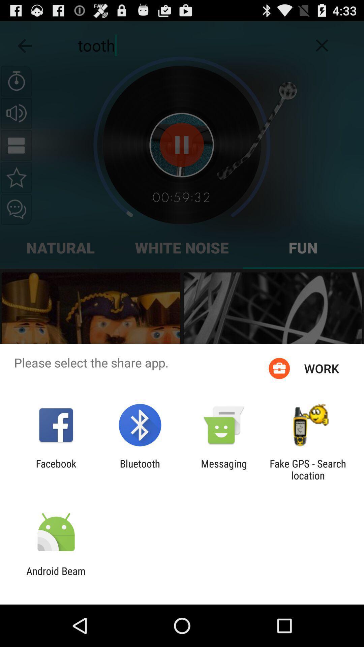  I want to click on the app next to bluetooth app, so click(56, 469).